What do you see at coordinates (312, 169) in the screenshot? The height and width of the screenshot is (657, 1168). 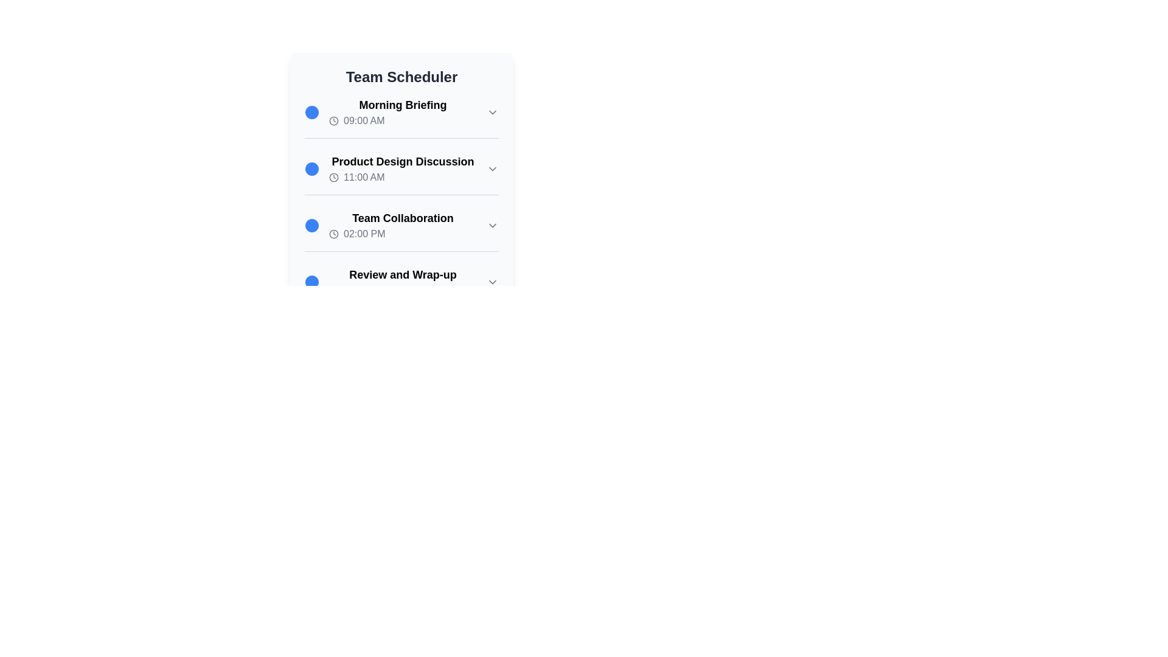 I see `the blue circular SVG element located at the center of the second list item in the 'Team Scheduler' section if it is interactive` at bounding box center [312, 169].